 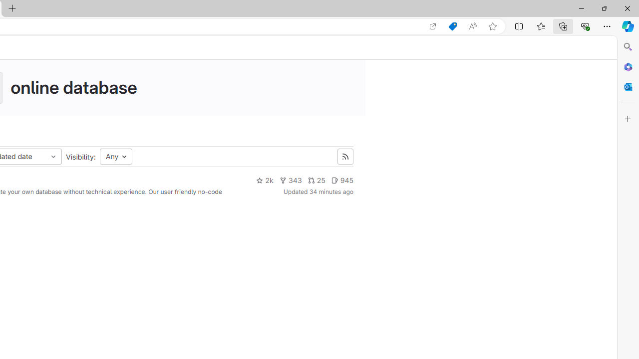 I want to click on 'Class: s14 gl-mr-2', so click(x=334, y=180).